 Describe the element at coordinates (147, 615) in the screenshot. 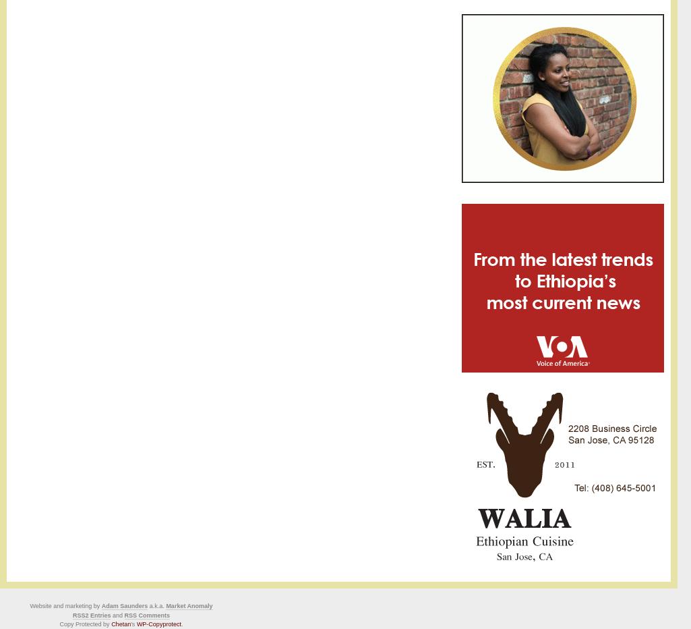

I see `'RSS Comments'` at that location.